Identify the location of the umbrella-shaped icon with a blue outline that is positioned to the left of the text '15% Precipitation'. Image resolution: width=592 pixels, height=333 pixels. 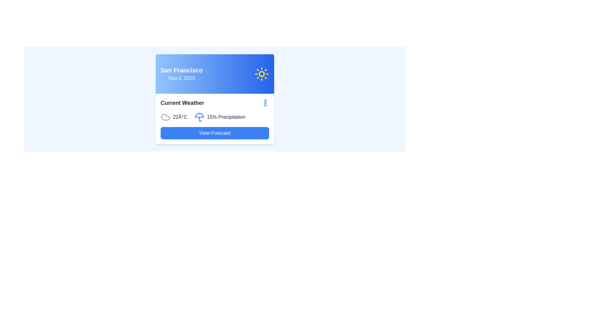
(199, 117).